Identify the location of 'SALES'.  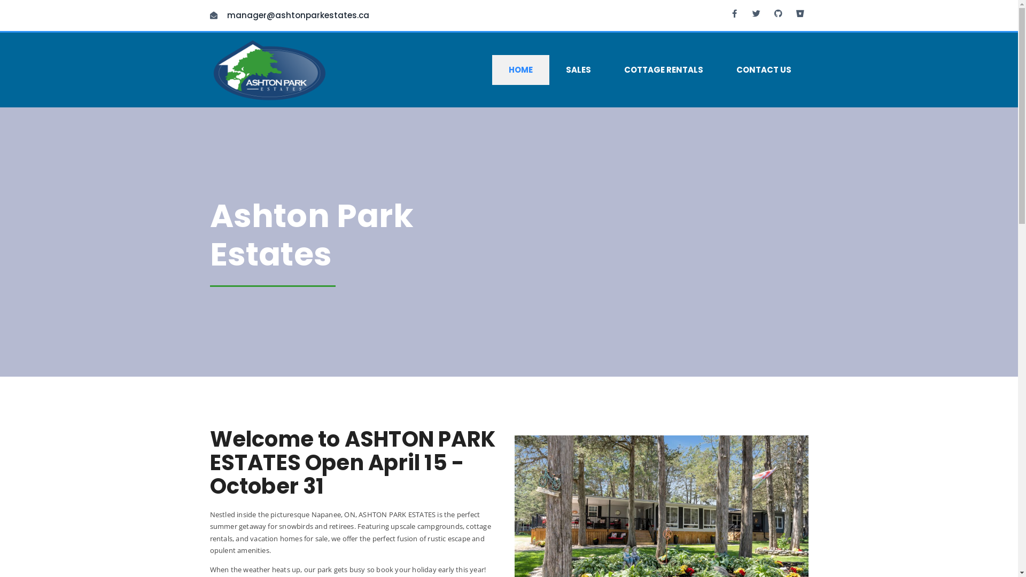
(578, 70).